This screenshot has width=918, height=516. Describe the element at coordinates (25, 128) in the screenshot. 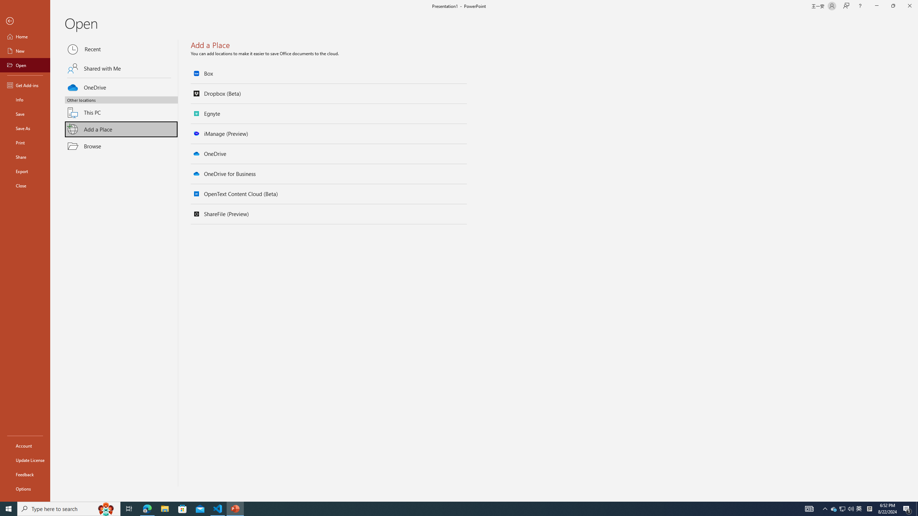

I see `'Save As'` at that location.